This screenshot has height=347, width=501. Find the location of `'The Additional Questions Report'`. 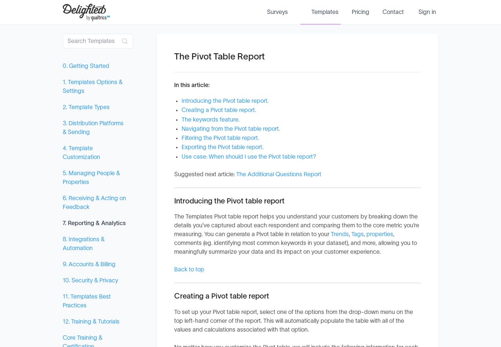

'The Additional Questions Report' is located at coordinates (235, 174).